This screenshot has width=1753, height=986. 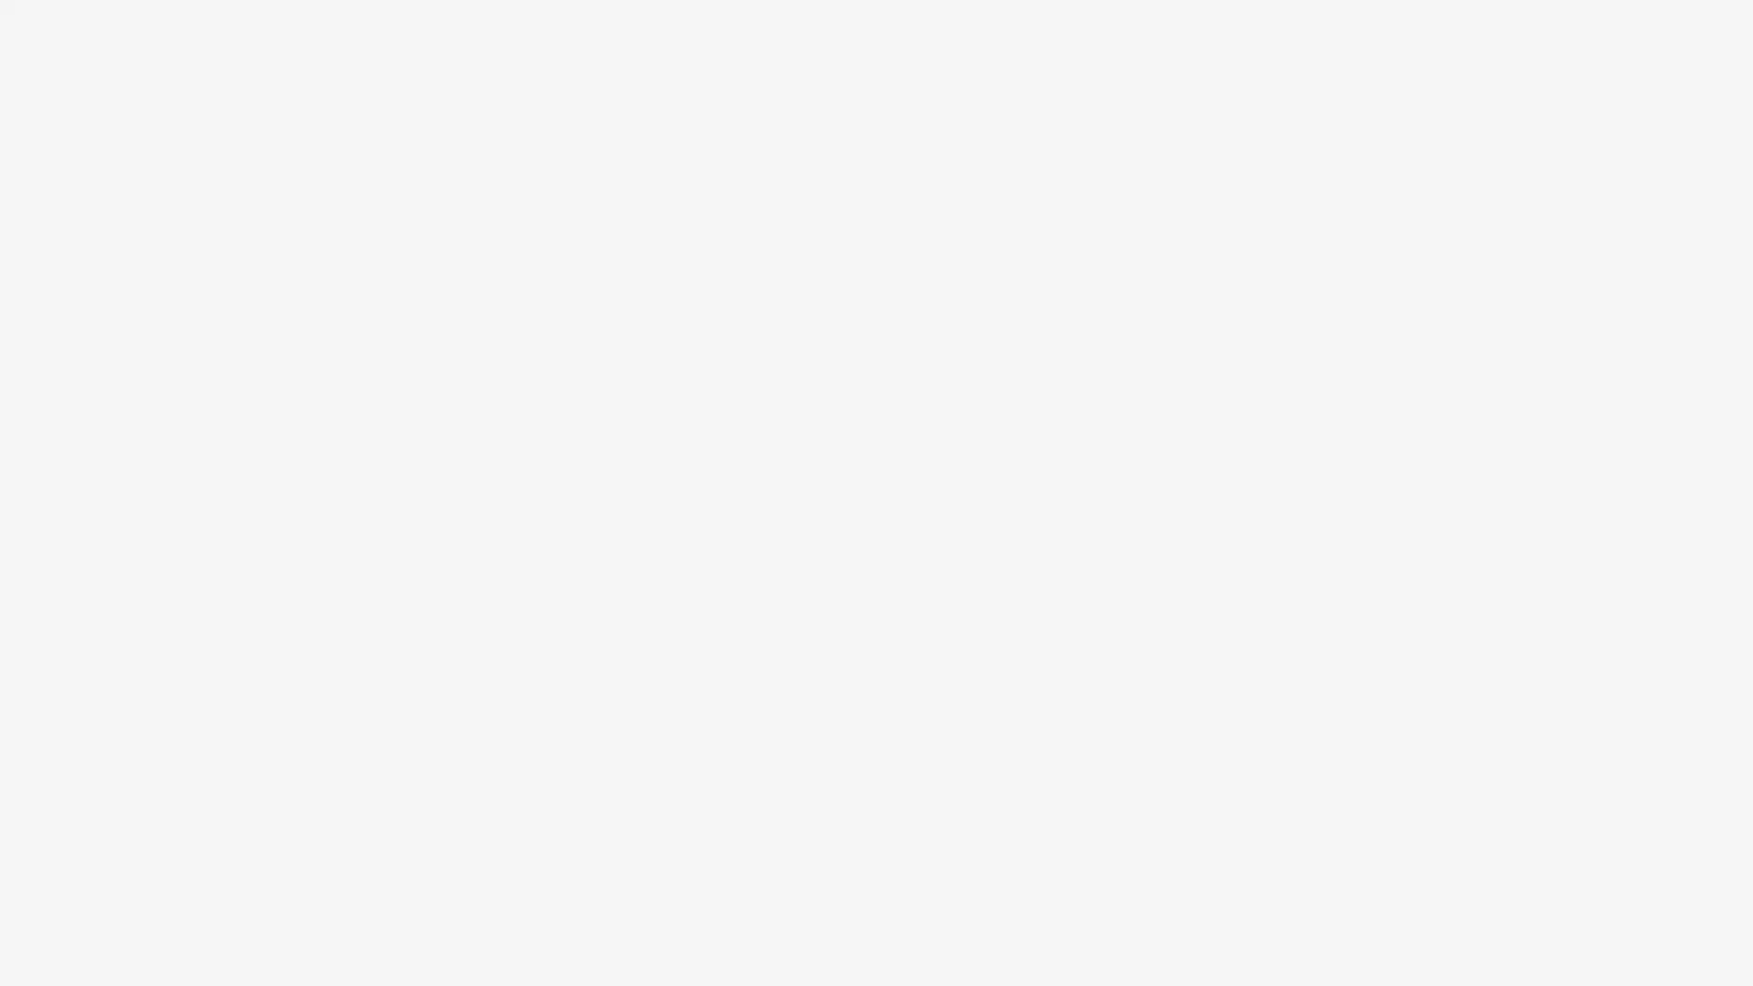 I want to click on Cookies Settings, so click(x=185, y=915).